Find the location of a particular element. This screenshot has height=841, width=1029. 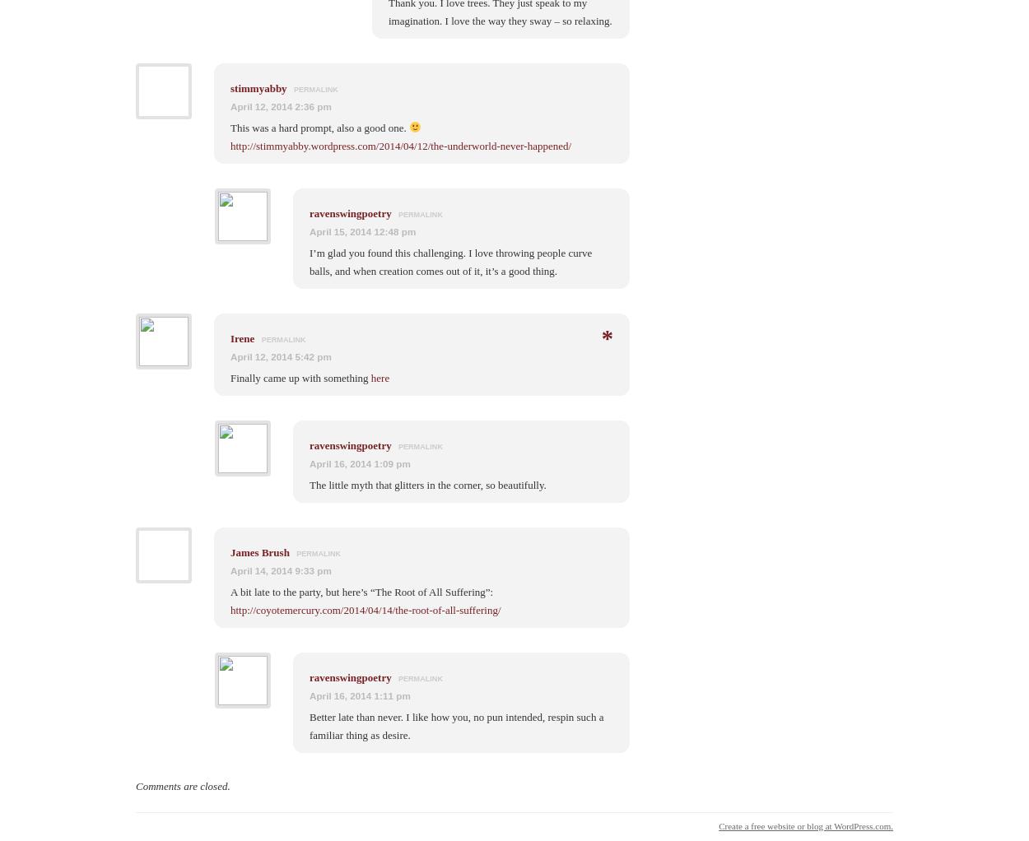

'I’m glad you found this challenging. I love throwing people curve balls, and when creation comes out of it, it’s a good thing.' is located at coordinates (450, 260).